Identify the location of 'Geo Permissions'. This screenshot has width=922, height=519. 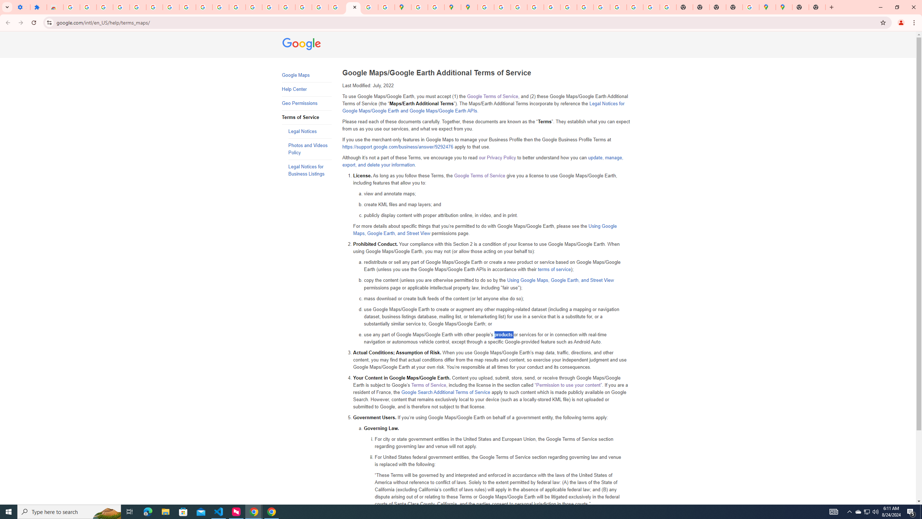
(306, 103).